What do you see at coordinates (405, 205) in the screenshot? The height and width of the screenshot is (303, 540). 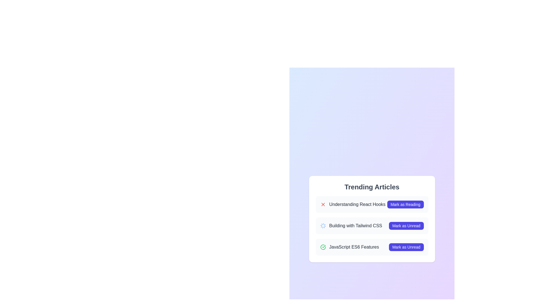 I see `the 'Mark as Reading' button, which is a dark indigo button with white text, located at the far right of the 'Trending Articles' section` at bounding box center [405, 205].